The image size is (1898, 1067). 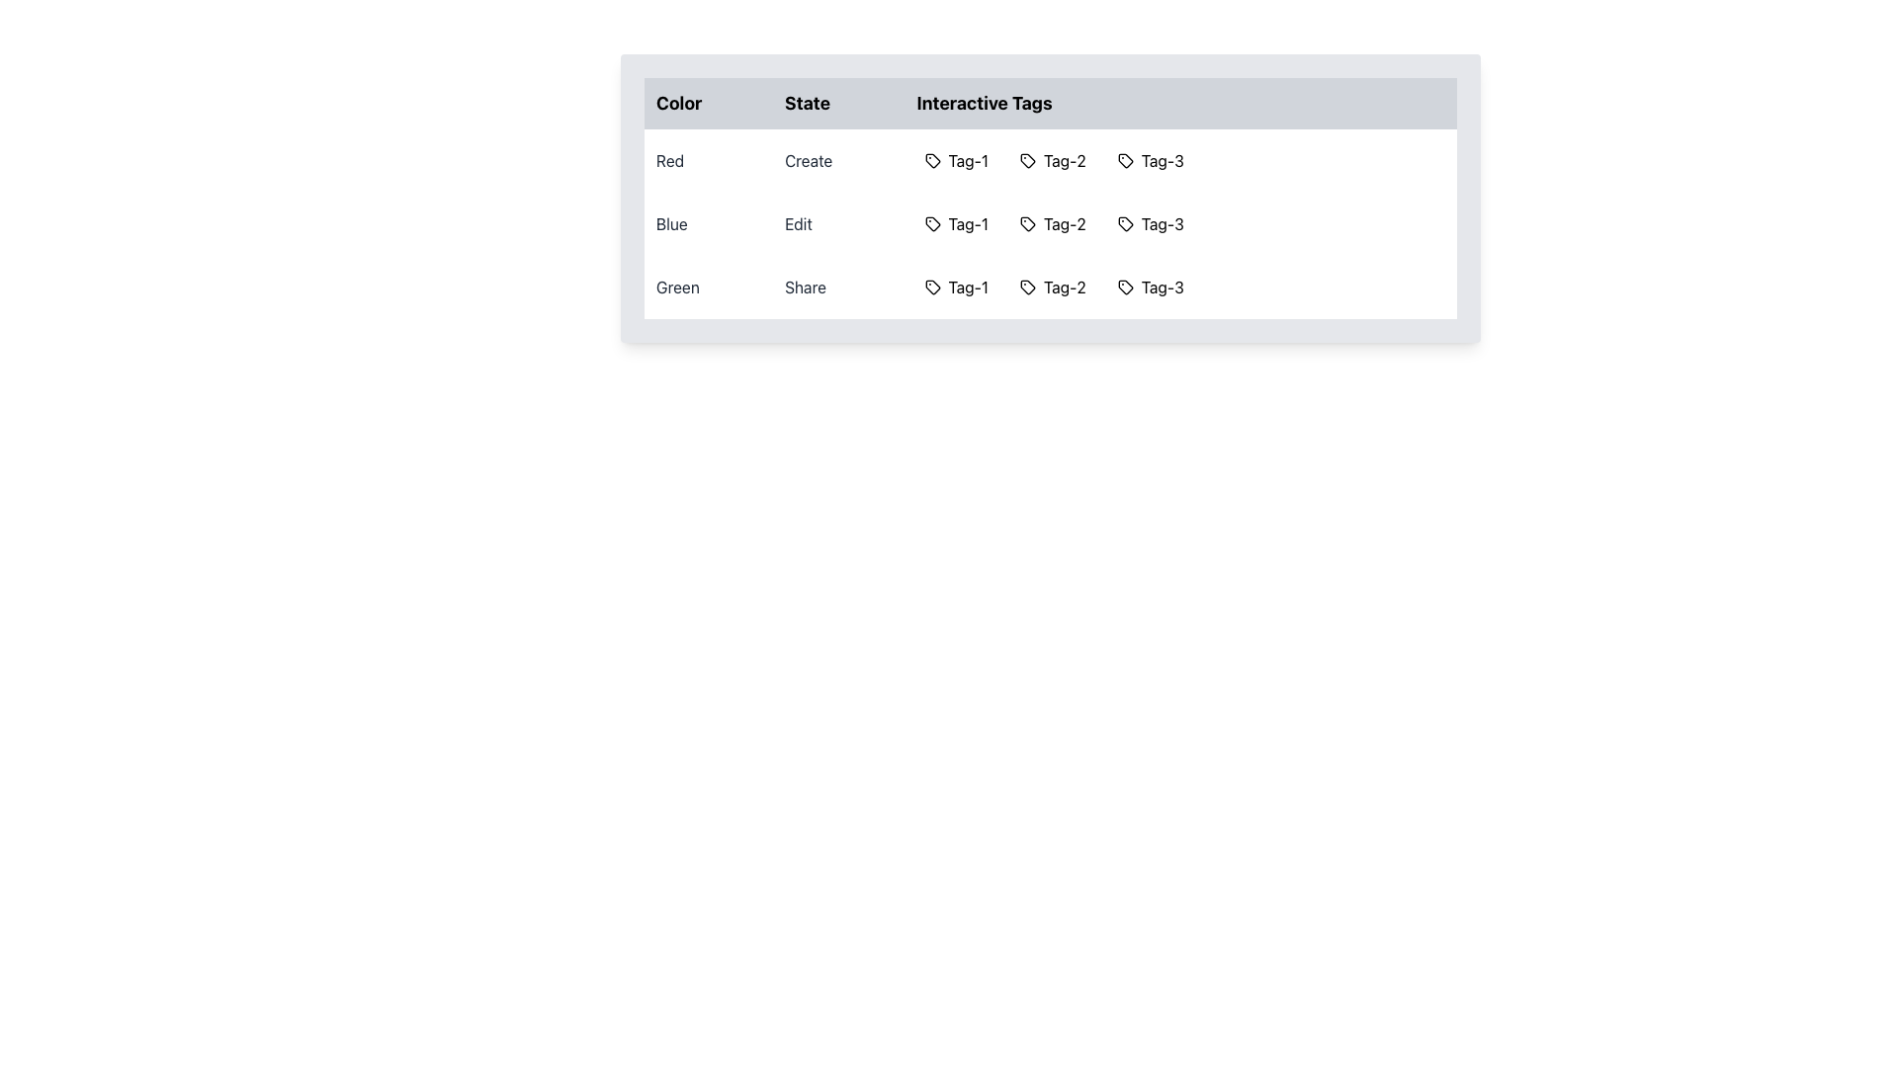 I want to click on the 'Tag-3' icon, which resembles a blue outlined tag with a filled circle, located under the 'Edit' state in the 'Interactive Tags' column, so click(x=1124, y=223).